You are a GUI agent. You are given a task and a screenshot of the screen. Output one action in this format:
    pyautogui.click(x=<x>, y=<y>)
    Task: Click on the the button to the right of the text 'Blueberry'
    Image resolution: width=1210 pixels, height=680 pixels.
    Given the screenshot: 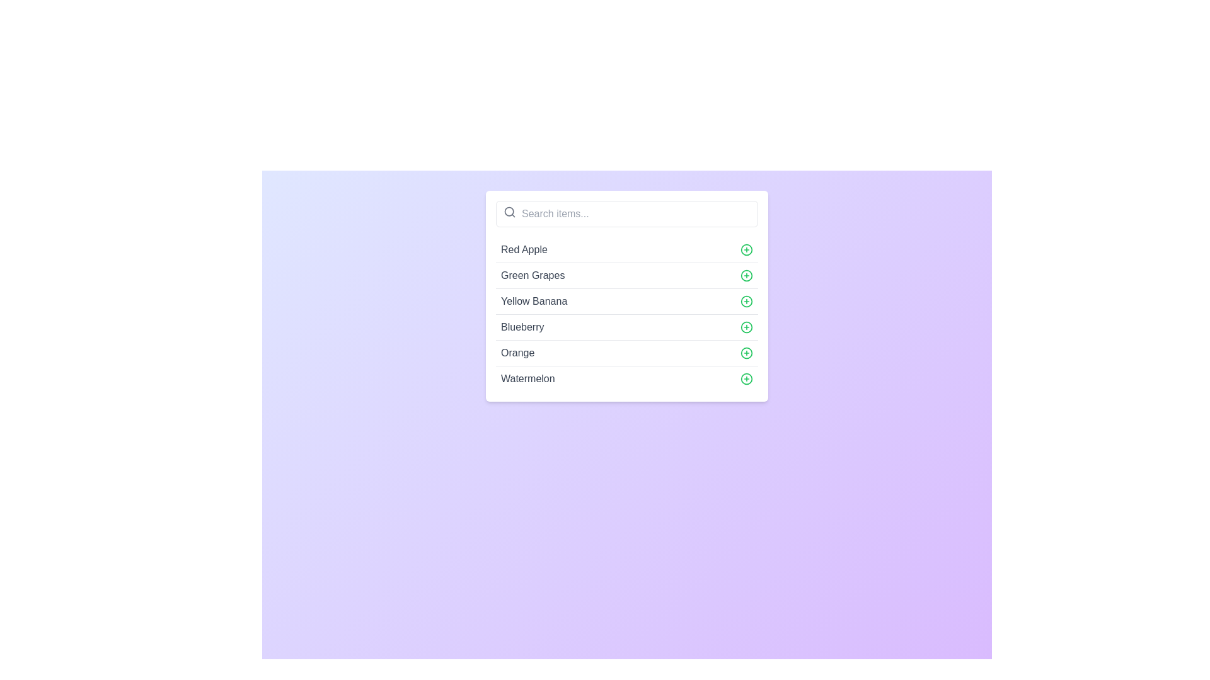 What is the action you would take?
    pyautogui.click(x=747, y=327)
    